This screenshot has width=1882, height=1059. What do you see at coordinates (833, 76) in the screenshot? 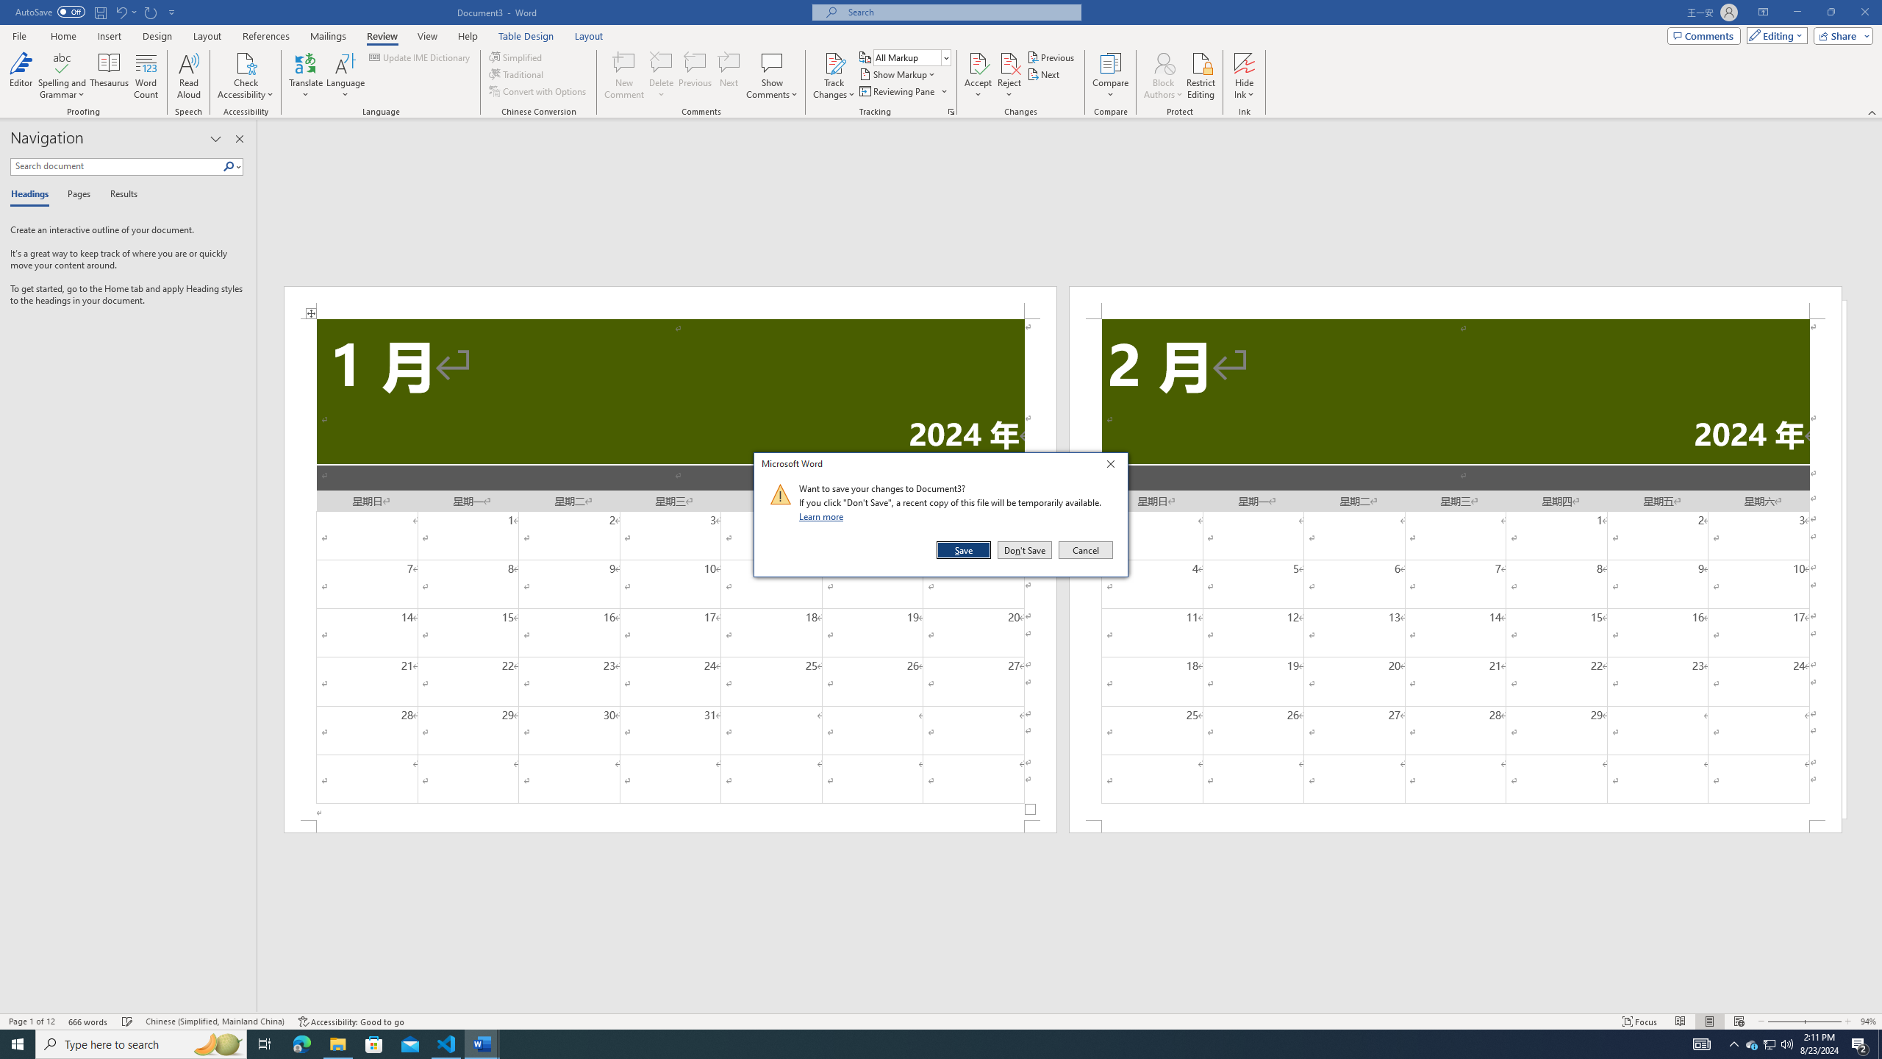
I see `'Track Changes'` at bounding box center [833, 76].